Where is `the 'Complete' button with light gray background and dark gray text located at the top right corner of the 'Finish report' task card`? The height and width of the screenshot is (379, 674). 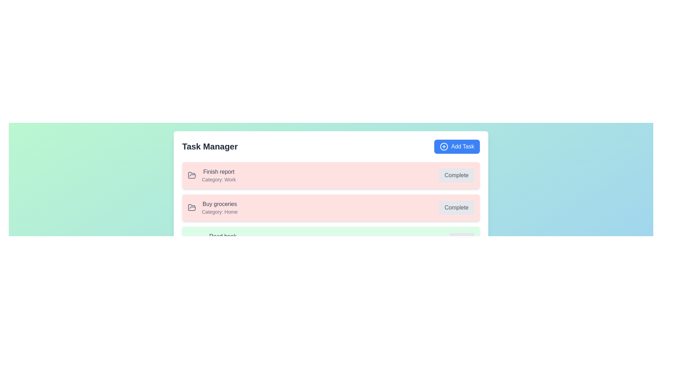 the 'Complete' button with light gray background and dark gray text located at the top right corner of the 'Finish report' task card is located at coordinates (456, 175).